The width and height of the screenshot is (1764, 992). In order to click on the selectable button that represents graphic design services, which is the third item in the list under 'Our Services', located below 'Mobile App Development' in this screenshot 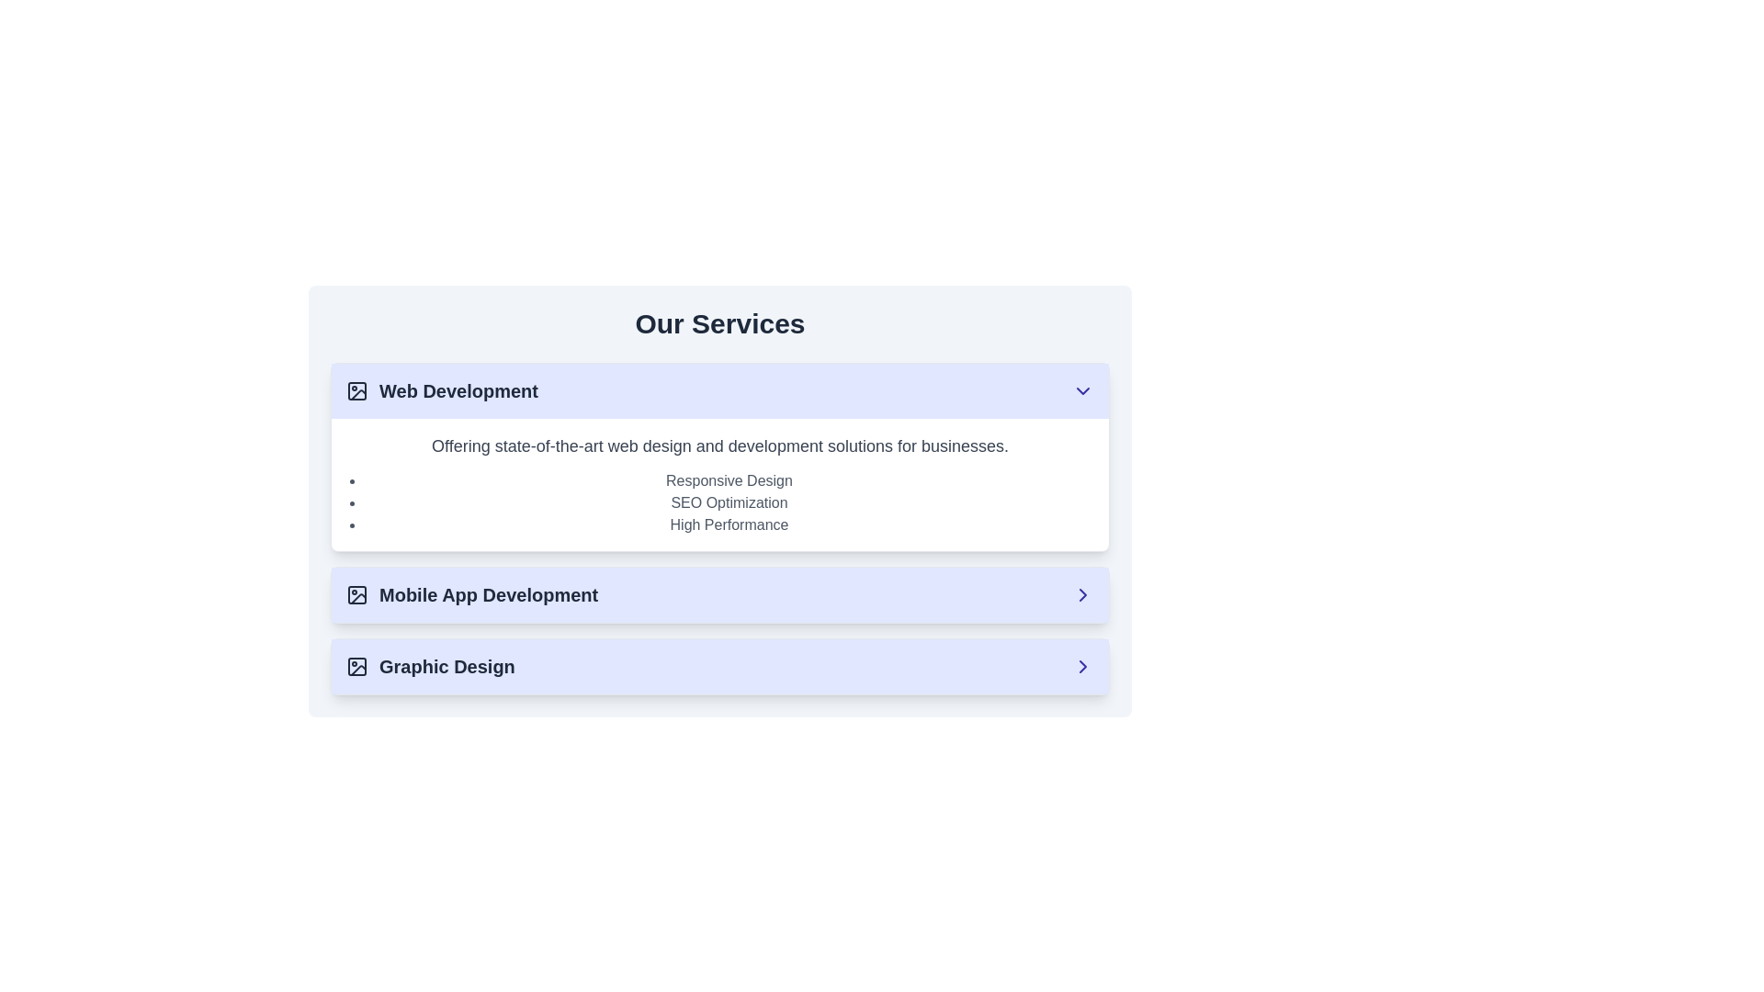, I will do `click(718, 666)`.